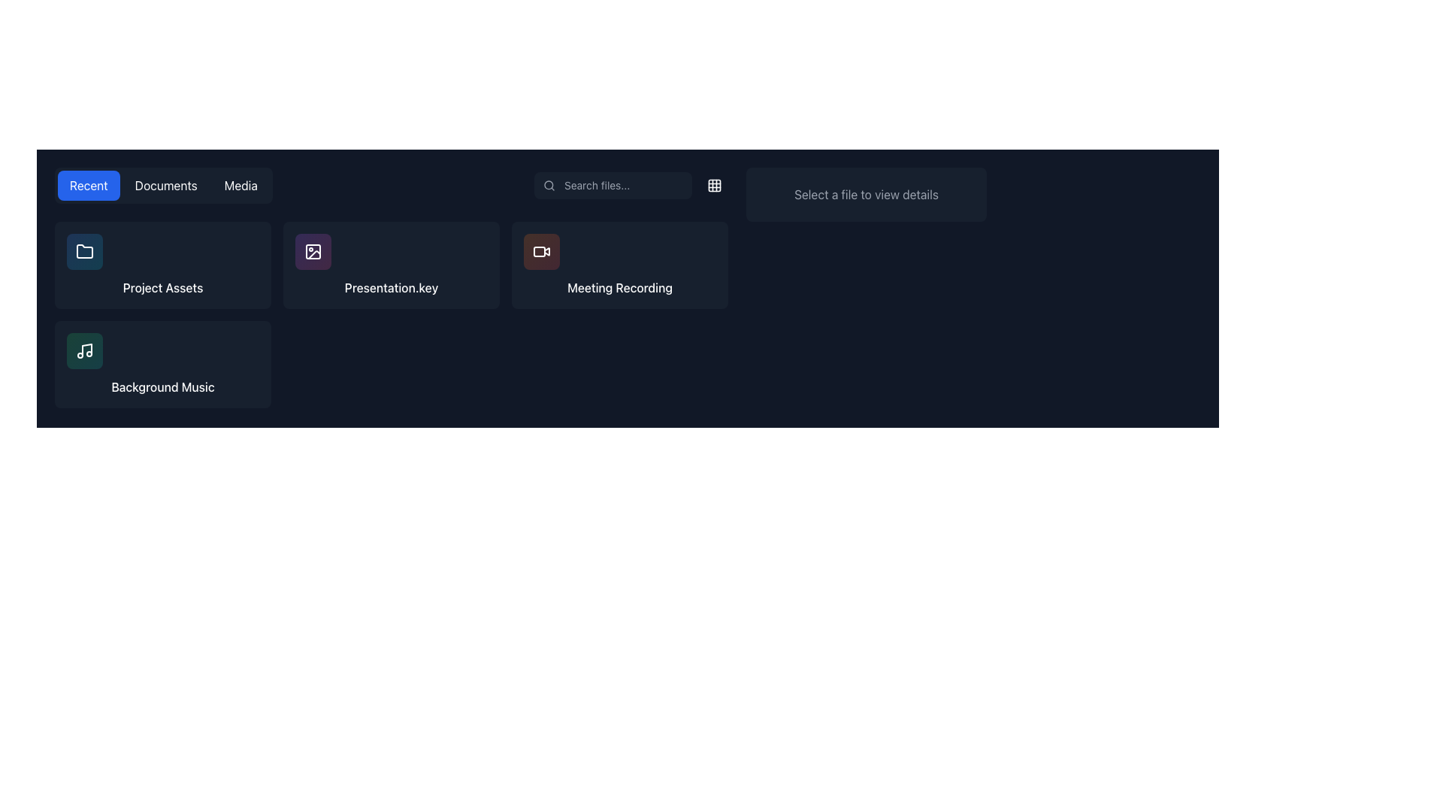 The height and width of the screenshot is (812, 1443). What do you see at coordinates (713, 184) in the screenshot?
I see `the small square with rounded corners located at the center of the 3x3 grid layout in the top-right corner of the interface` at bounding box center [713, 184].